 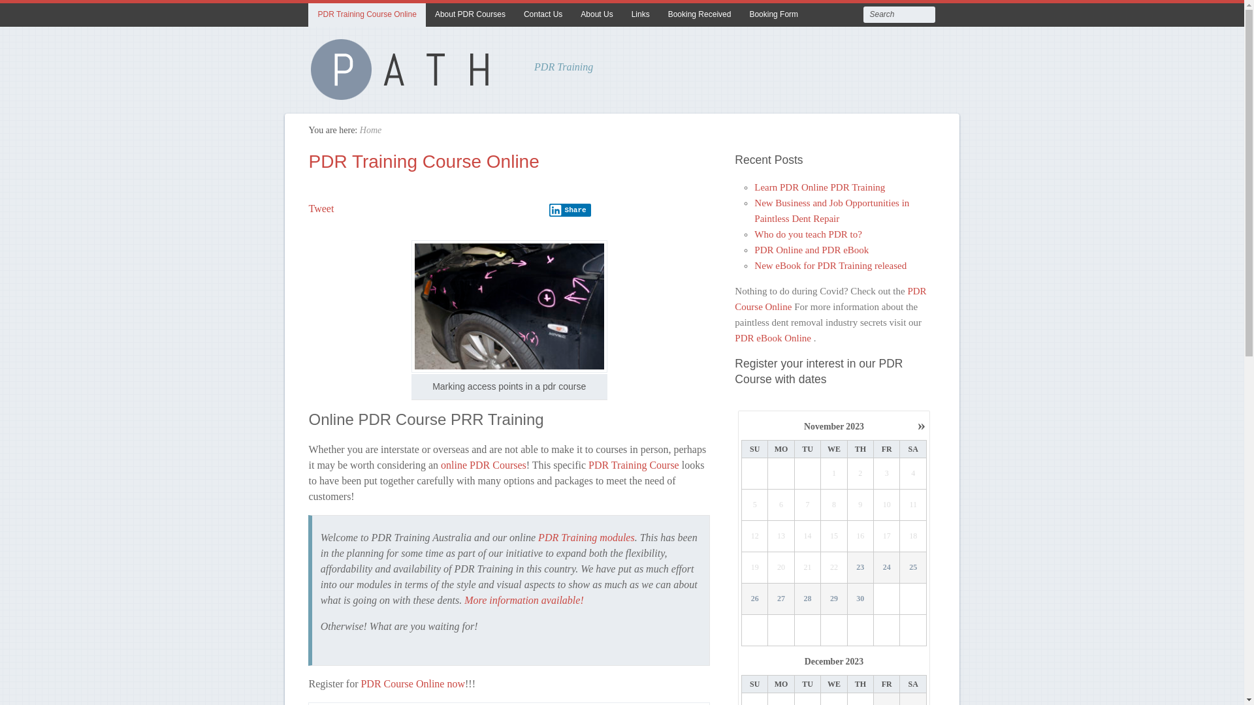 I want to click on 'PDR Online and PDR eBook', so click(x=754, y=249).